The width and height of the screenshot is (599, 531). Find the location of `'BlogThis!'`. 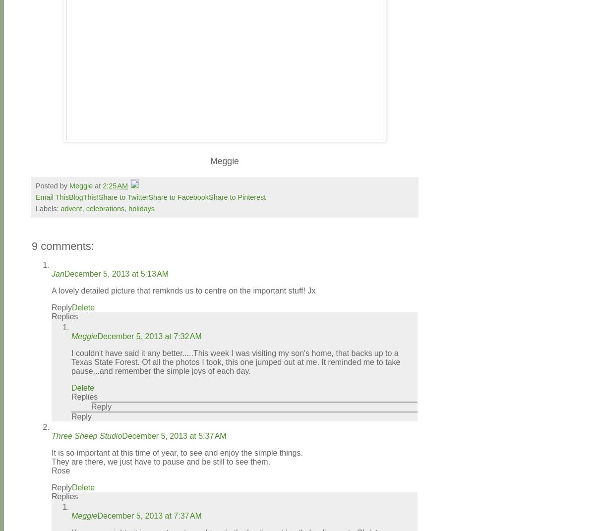

'BlogThis!' is located at coordinates (83, 197).